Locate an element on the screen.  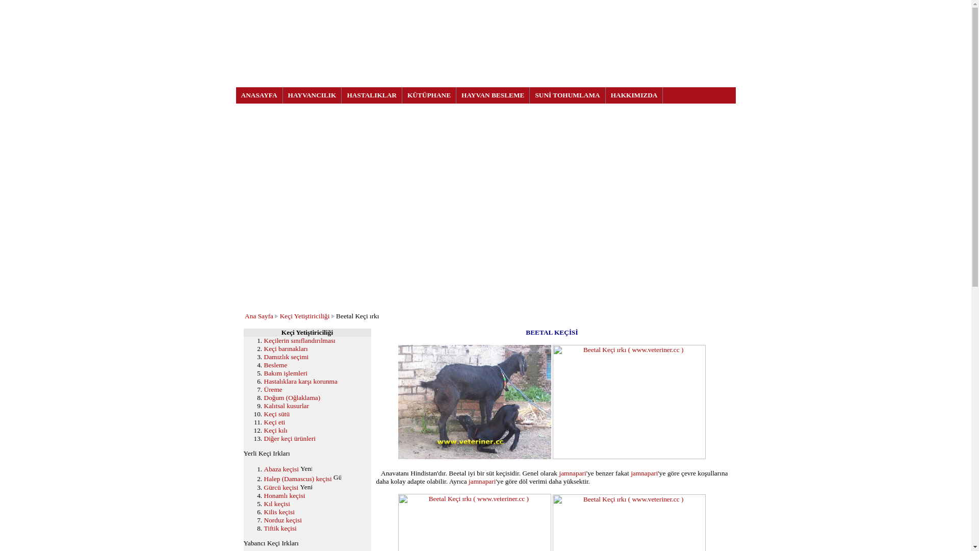
'HAKKIMIZDA' is located at coordinates (634, 95).